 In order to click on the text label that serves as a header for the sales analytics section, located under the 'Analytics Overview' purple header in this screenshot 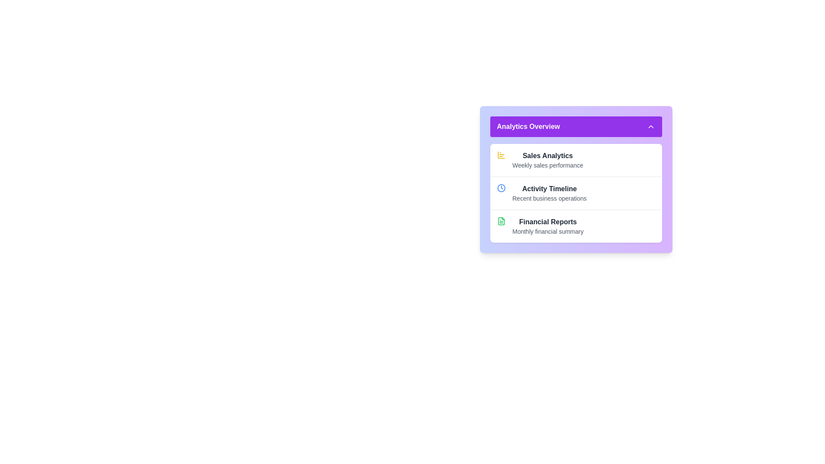, I will do `click(547, 156)`.